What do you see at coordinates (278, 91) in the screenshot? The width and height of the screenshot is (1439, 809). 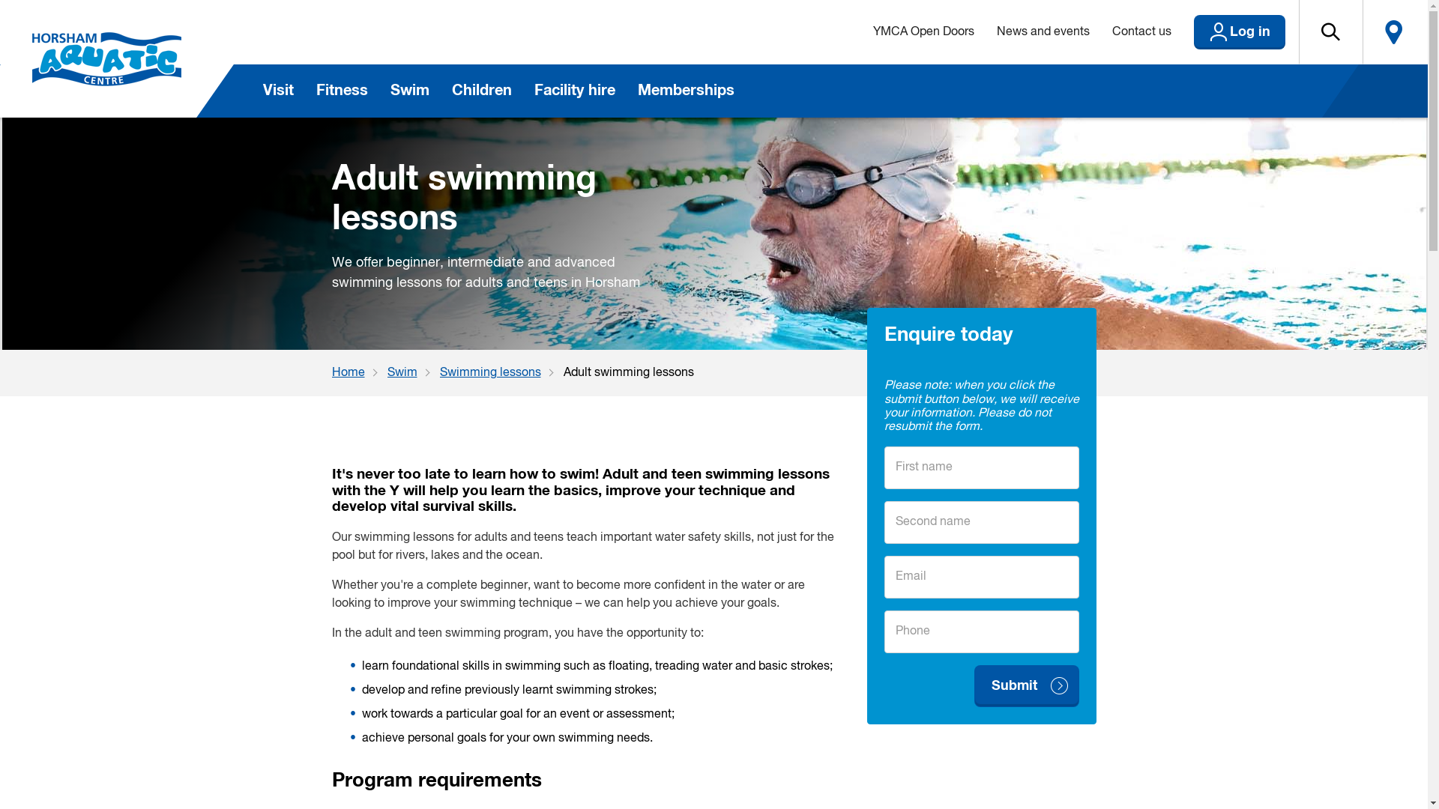 I see `'Visit'` at bounding box center [278, 91].